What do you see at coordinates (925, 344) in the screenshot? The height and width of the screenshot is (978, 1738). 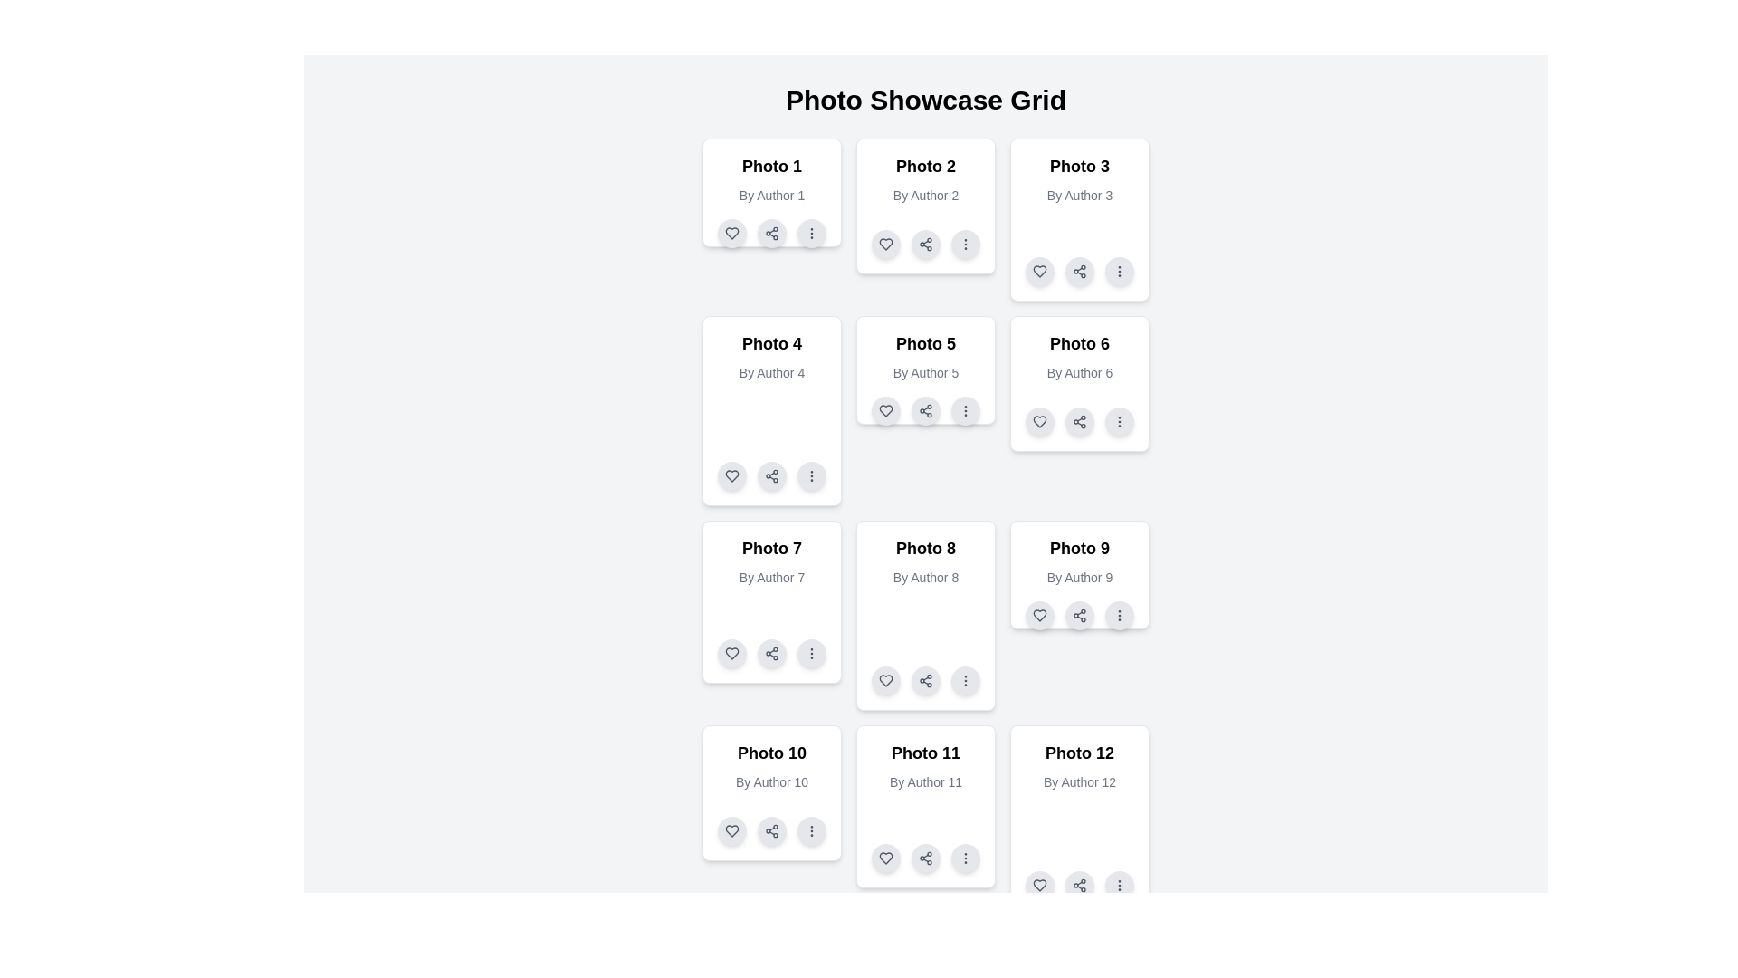 I see `title text label located above 'By Author 5' in the second card of the second row in the grid layout` at bounding box center [925, 344].